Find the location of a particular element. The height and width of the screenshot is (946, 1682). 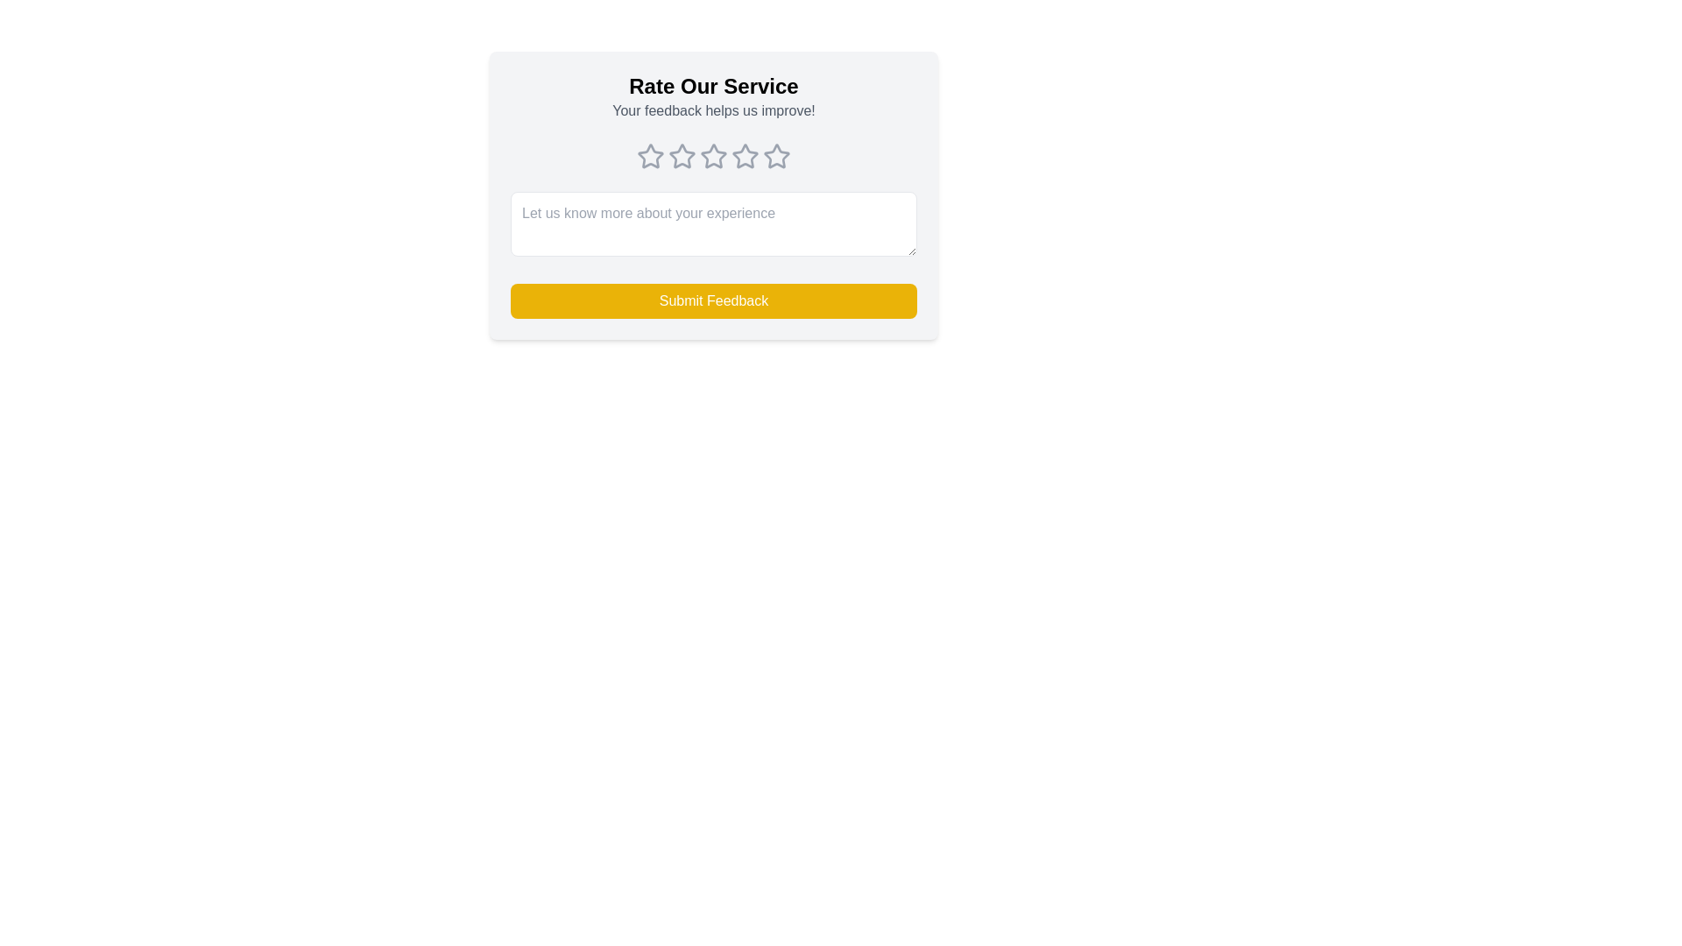

the third star icon in the row of five gray rating stars is located at coordinates (713, 154).